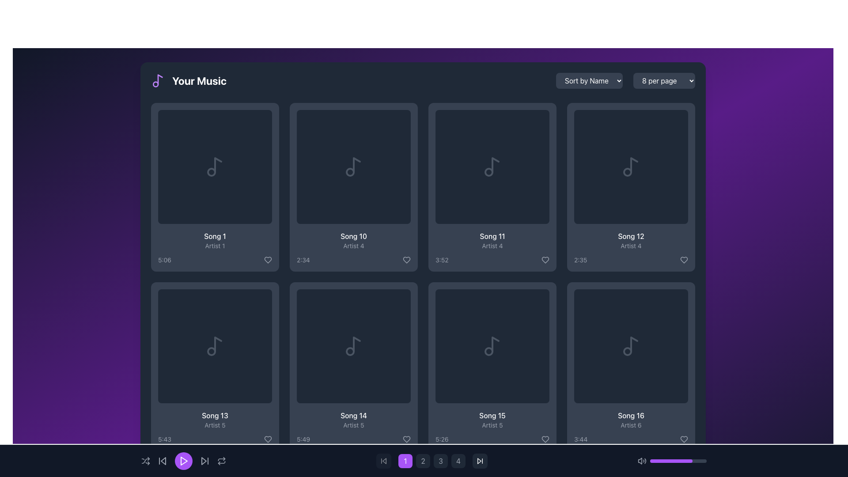 The image size is (848, 477). Describe the element at coordinates (354, 416) in the screenshot. I see `the text label that reads 'Song 14', which is styled in white color and positioned in the seventh card of the grid layout, below the album art and above 'Artist 5'` at that location.